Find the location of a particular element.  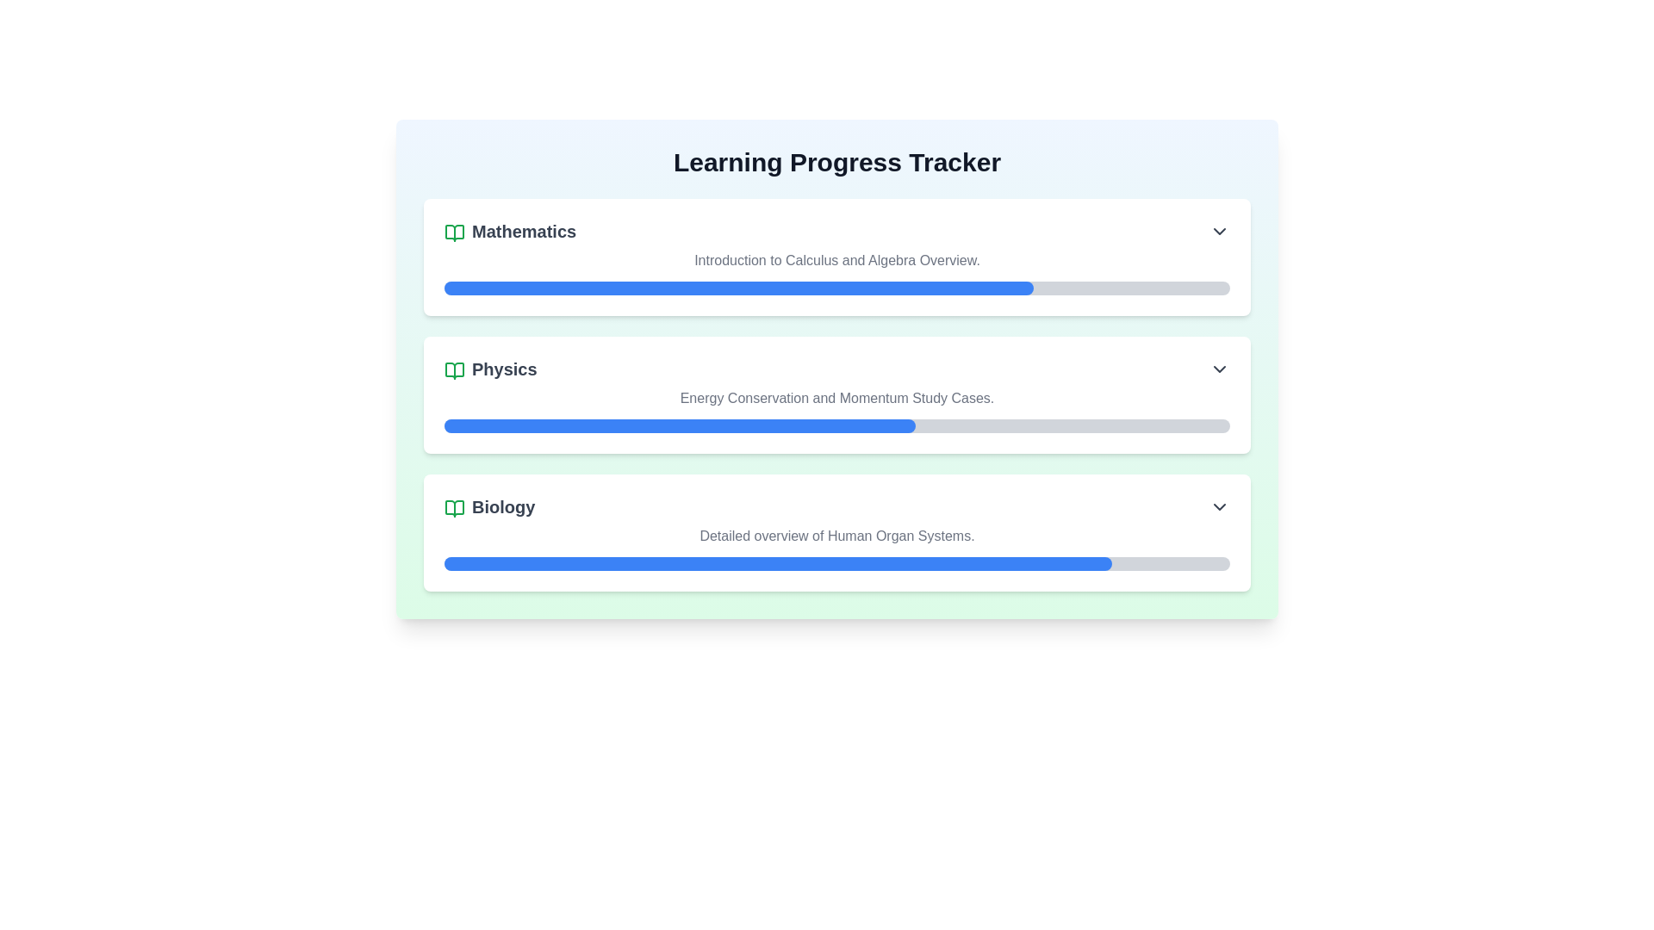

the progress bar for the 'Introduction to Calculus and Algebra Overview' course located in the Mathematics section of the Learning Progress Tracker interface is located at coordinates (836, 271).